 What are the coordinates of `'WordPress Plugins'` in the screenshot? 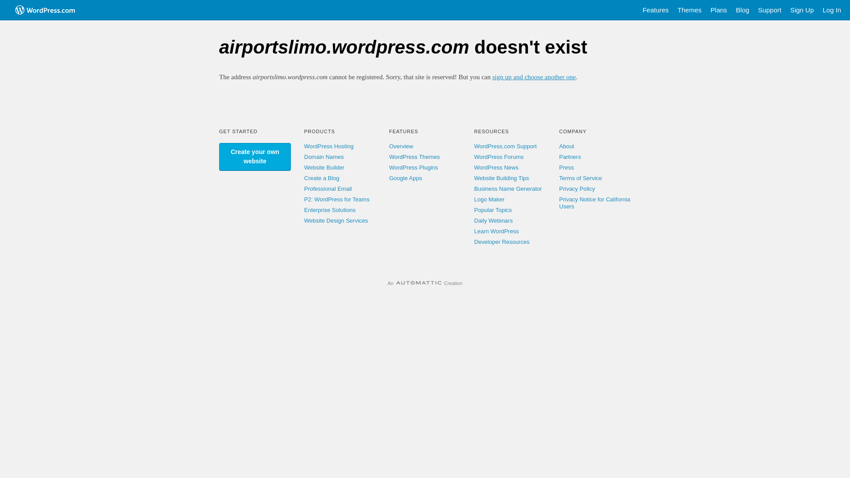 It's located at (389, 167).